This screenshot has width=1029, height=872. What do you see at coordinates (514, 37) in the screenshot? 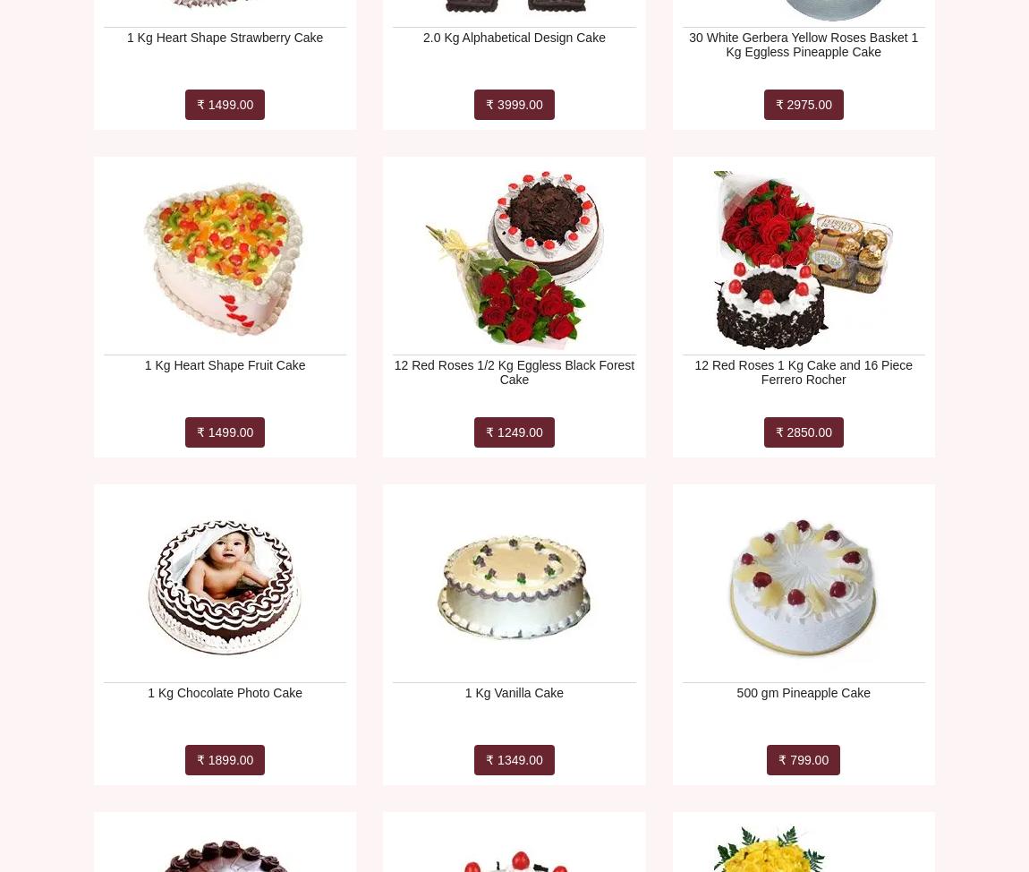
I see `'2.0 Kg Alphabetical Design Cake'` at bounding box center [514, 37].